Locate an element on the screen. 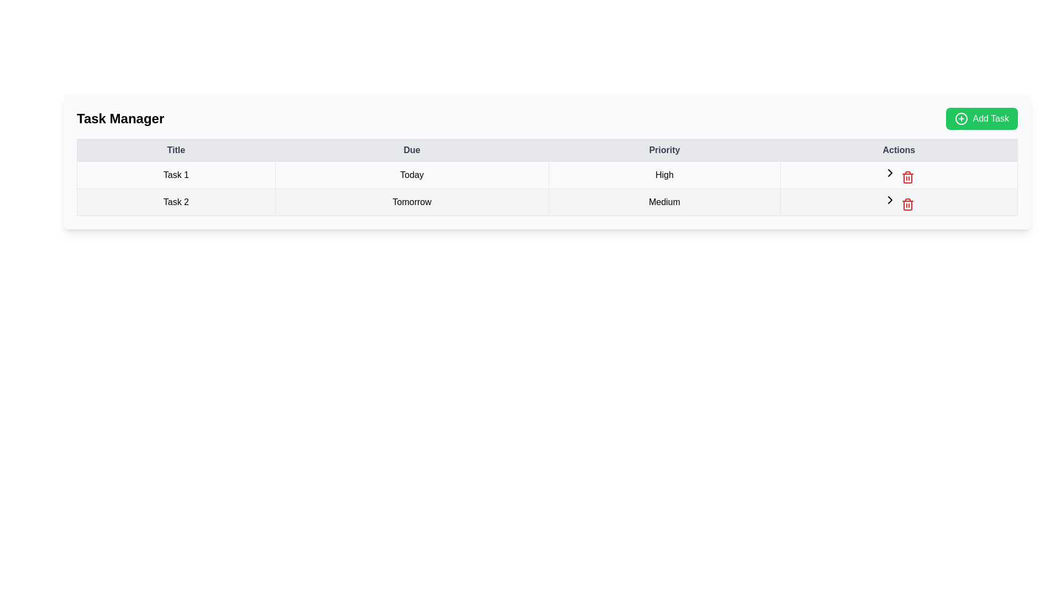 The width and height of the screenshot is (1061, 597). the icon inside the 'Add Task' button located at the top-right corner of the user interface is located at coordinates (961, 119).